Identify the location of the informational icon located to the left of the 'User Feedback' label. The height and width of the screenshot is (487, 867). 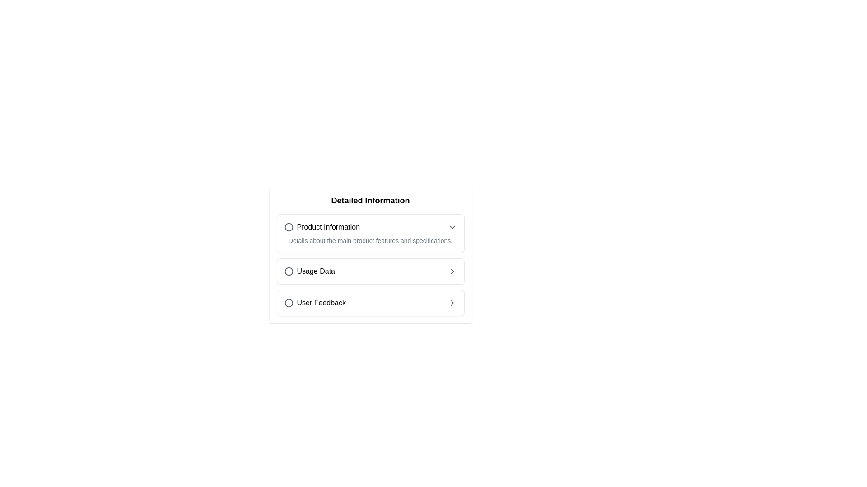
(288, 303).